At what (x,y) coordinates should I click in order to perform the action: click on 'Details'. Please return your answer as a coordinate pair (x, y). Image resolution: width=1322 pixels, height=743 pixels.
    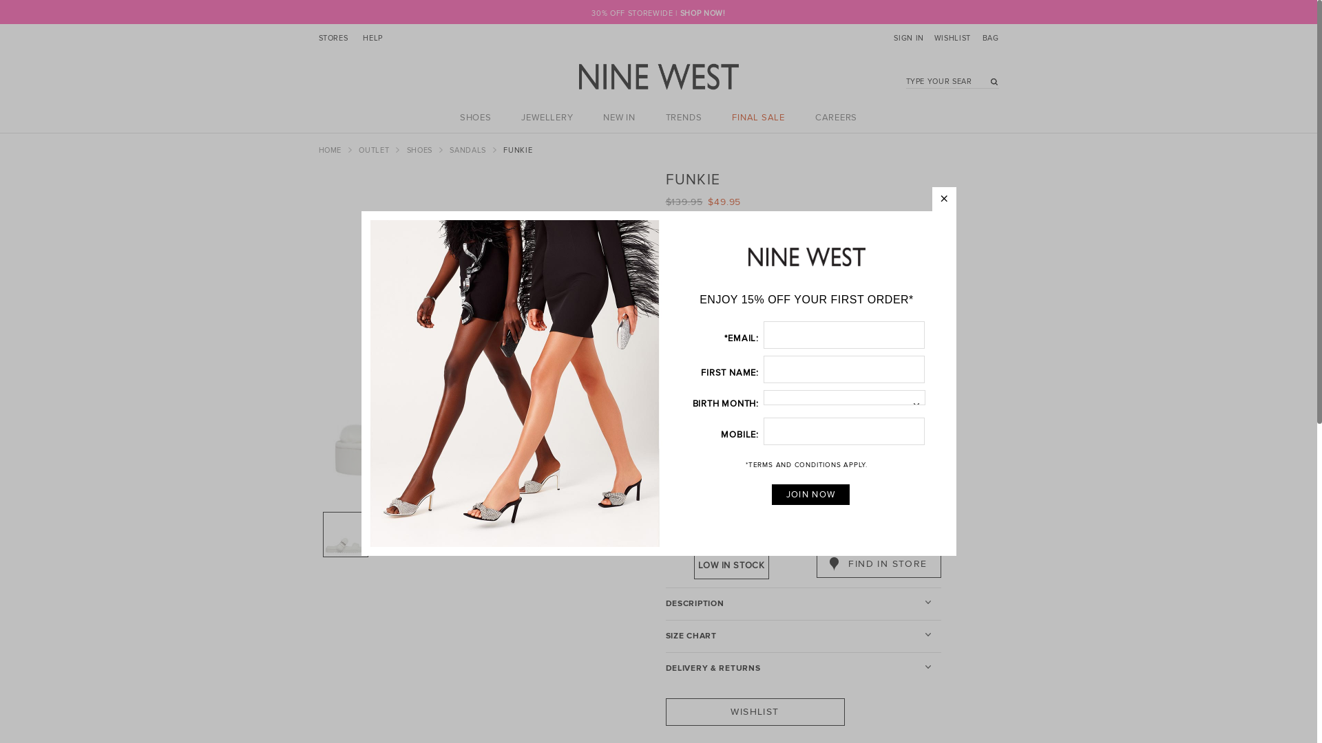
    Looking at the image, I should click on (669, 252).